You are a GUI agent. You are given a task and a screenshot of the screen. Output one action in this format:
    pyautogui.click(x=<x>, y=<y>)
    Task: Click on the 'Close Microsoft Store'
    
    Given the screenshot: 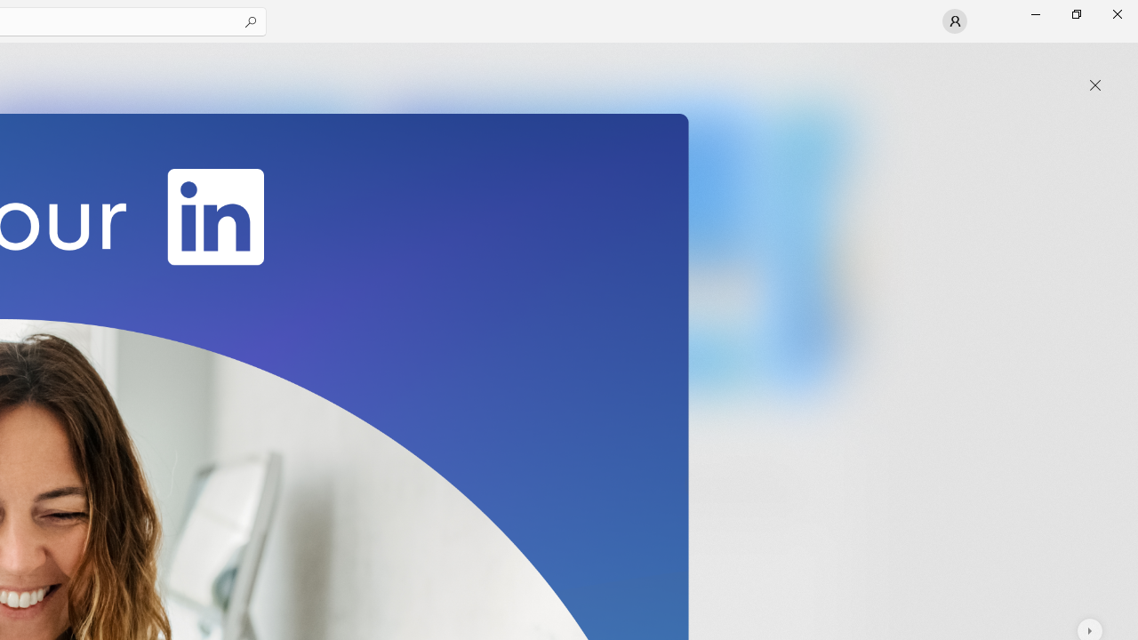 What is the action you would take?
    pyautogui.click(x=1116, y=13)
    